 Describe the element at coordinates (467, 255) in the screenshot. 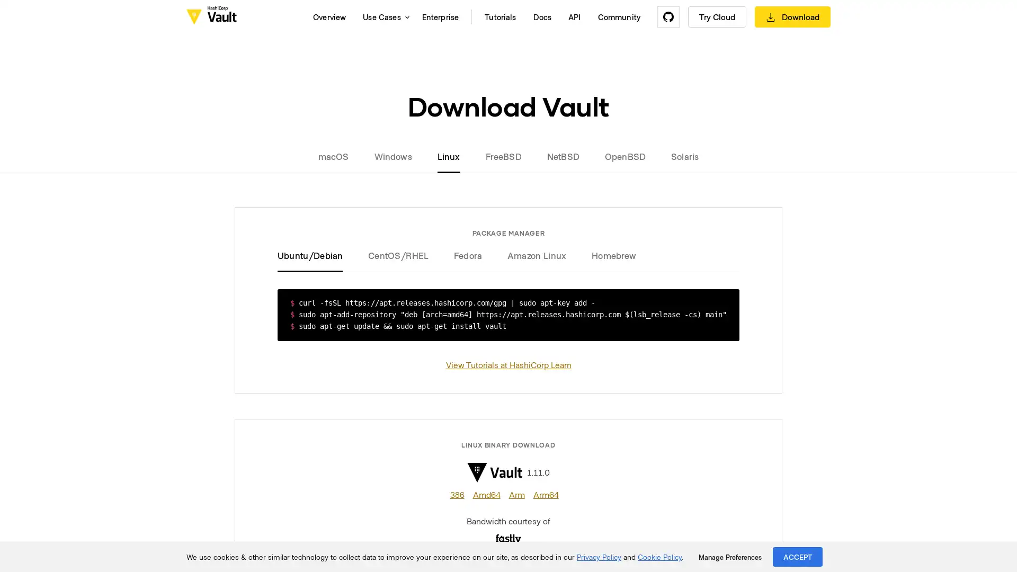

I see `Fedora` at that location.